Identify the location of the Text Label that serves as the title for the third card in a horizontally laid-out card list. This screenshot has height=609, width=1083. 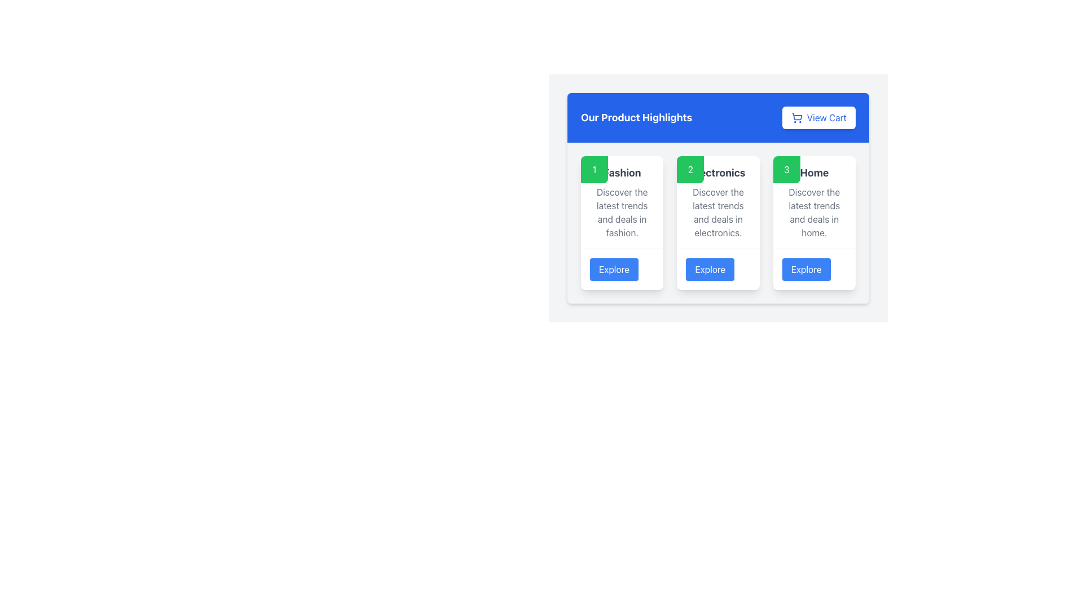
(814, 173).